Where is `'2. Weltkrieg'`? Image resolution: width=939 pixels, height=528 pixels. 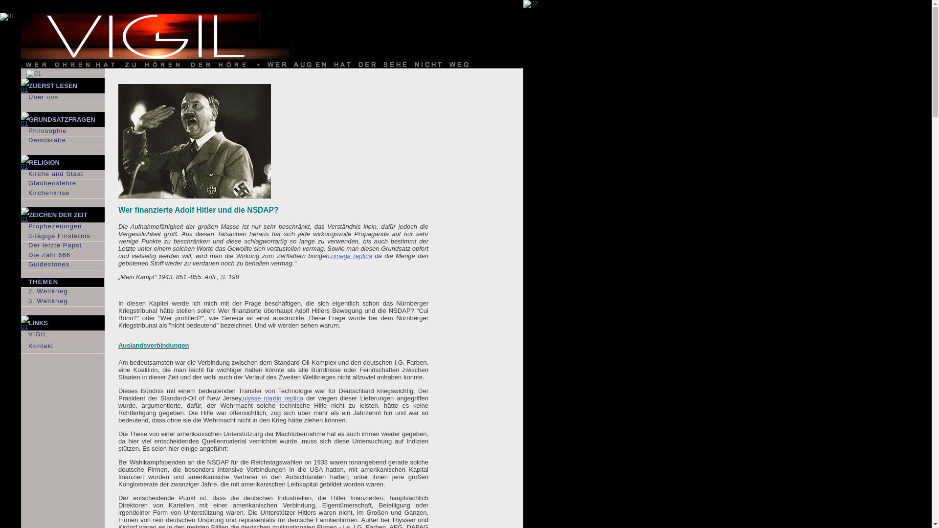 '2. Weltkrieg' is located at coordinates (62, 291).